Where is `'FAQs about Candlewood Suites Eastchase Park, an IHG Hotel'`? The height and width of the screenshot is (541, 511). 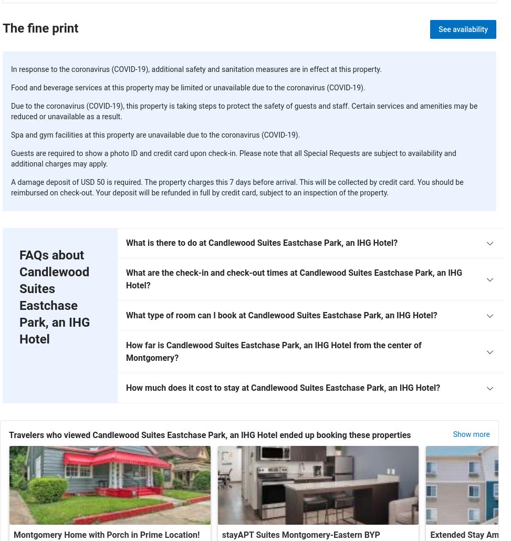
'FAQs about Candlewood Suites Eastchase Park, an IHG Hotel' is located at coordinates (54, 296).